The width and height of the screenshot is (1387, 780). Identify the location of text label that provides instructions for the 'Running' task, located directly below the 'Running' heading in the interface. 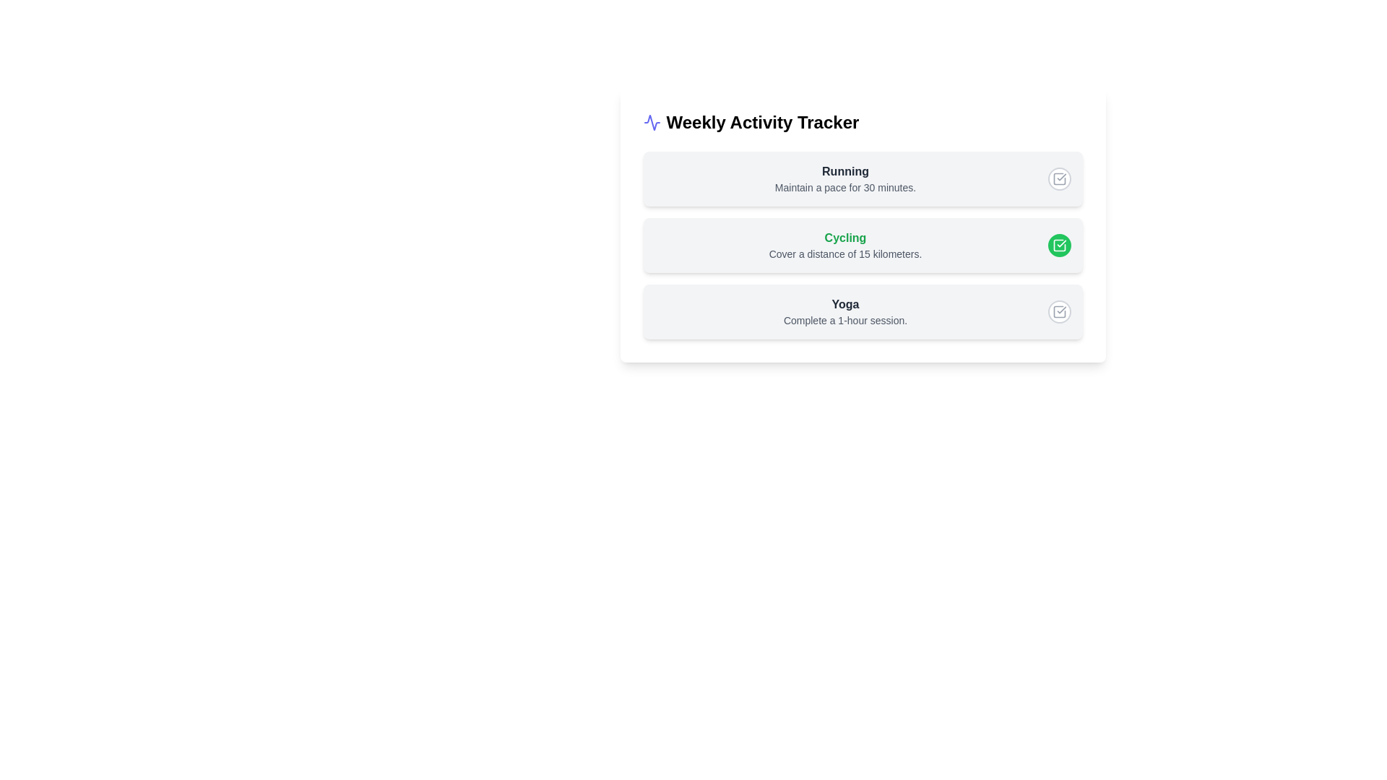
(845, 186).